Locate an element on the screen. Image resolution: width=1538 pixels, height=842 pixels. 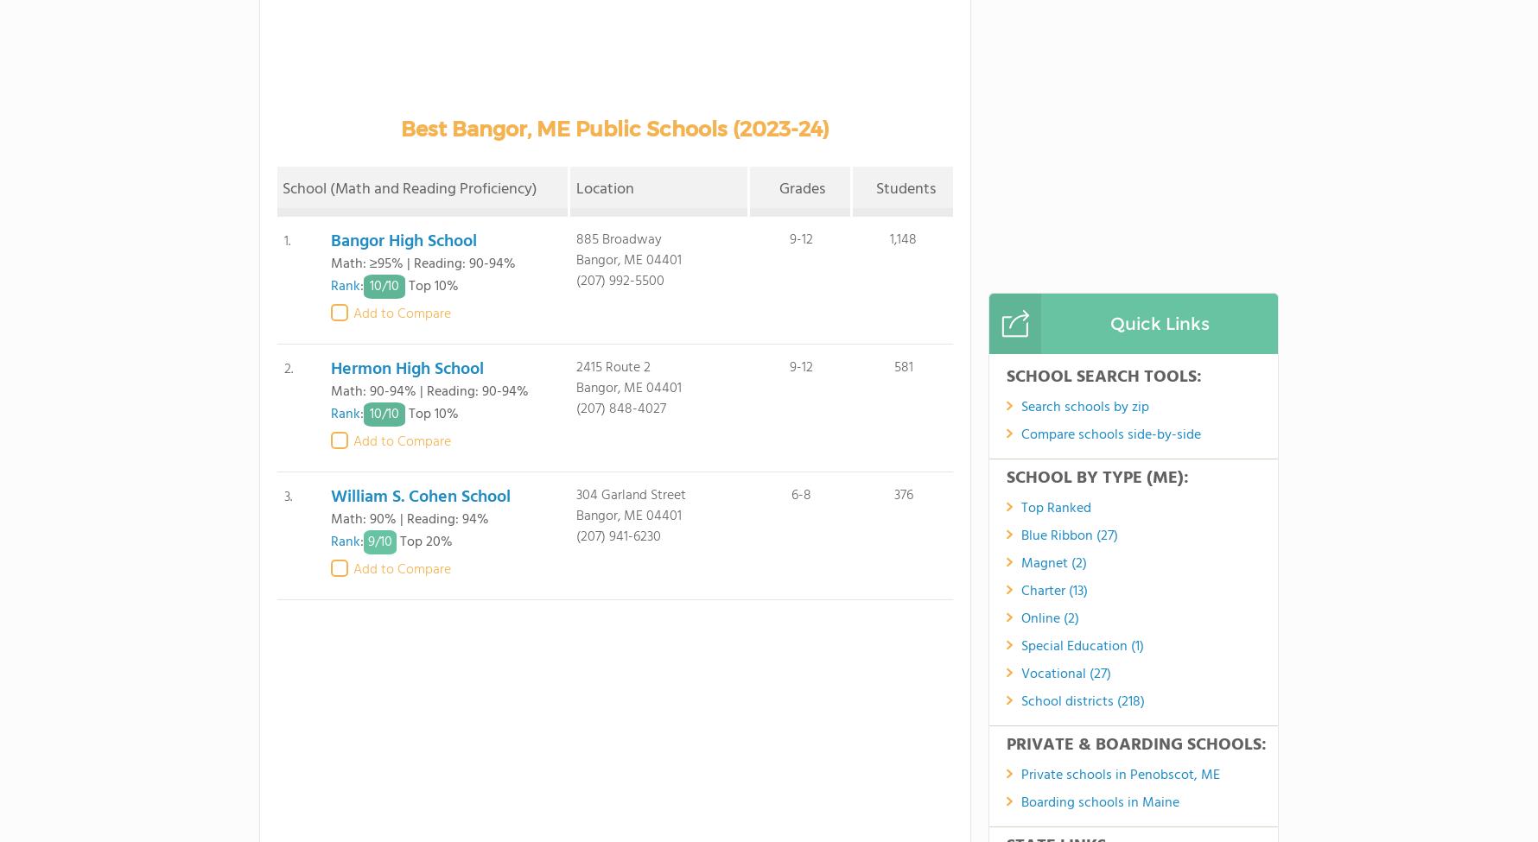
'School Member Area' is located at coordinates (1077, 743).